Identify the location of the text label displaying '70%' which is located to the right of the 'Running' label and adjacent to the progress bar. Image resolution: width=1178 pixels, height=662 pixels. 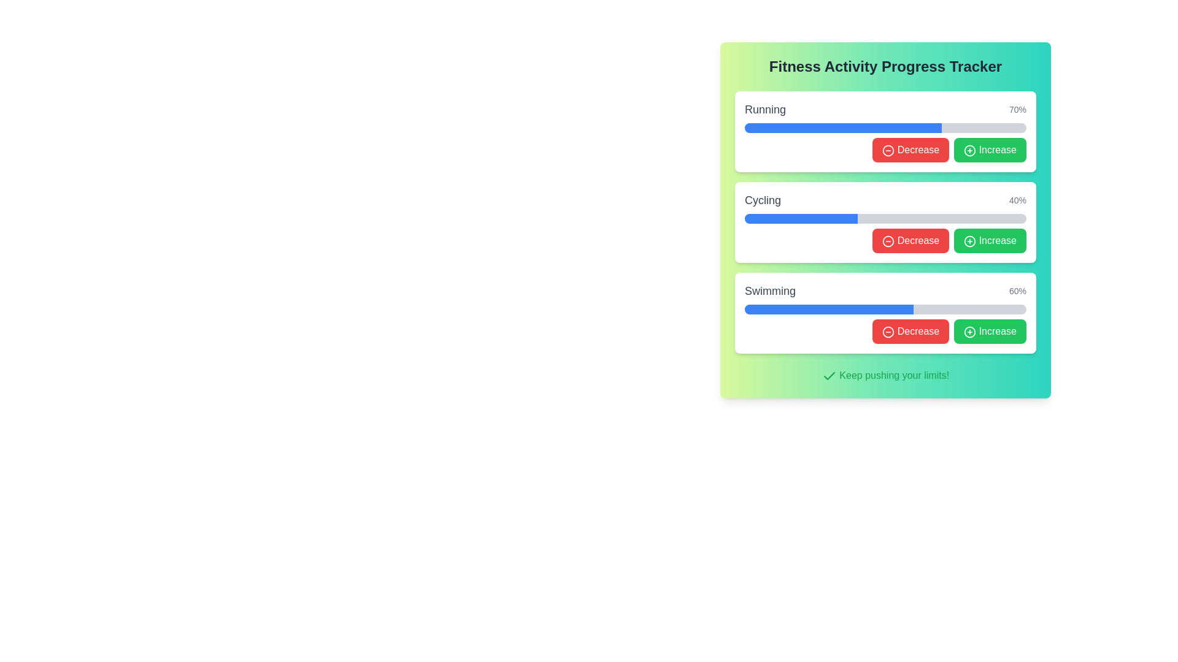
(1018, 108).